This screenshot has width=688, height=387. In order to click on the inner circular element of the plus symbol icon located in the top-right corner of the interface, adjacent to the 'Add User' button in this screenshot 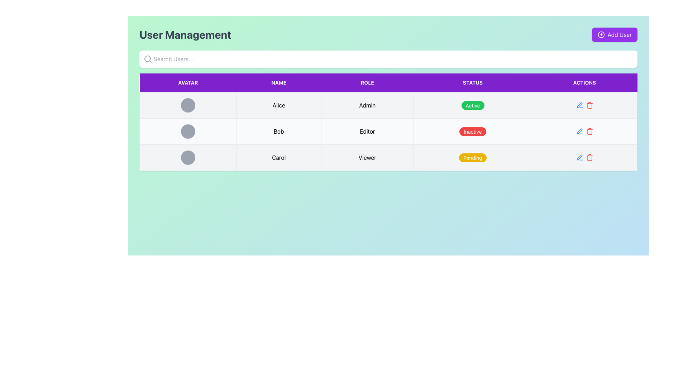, I will do `click(601, 34)`.